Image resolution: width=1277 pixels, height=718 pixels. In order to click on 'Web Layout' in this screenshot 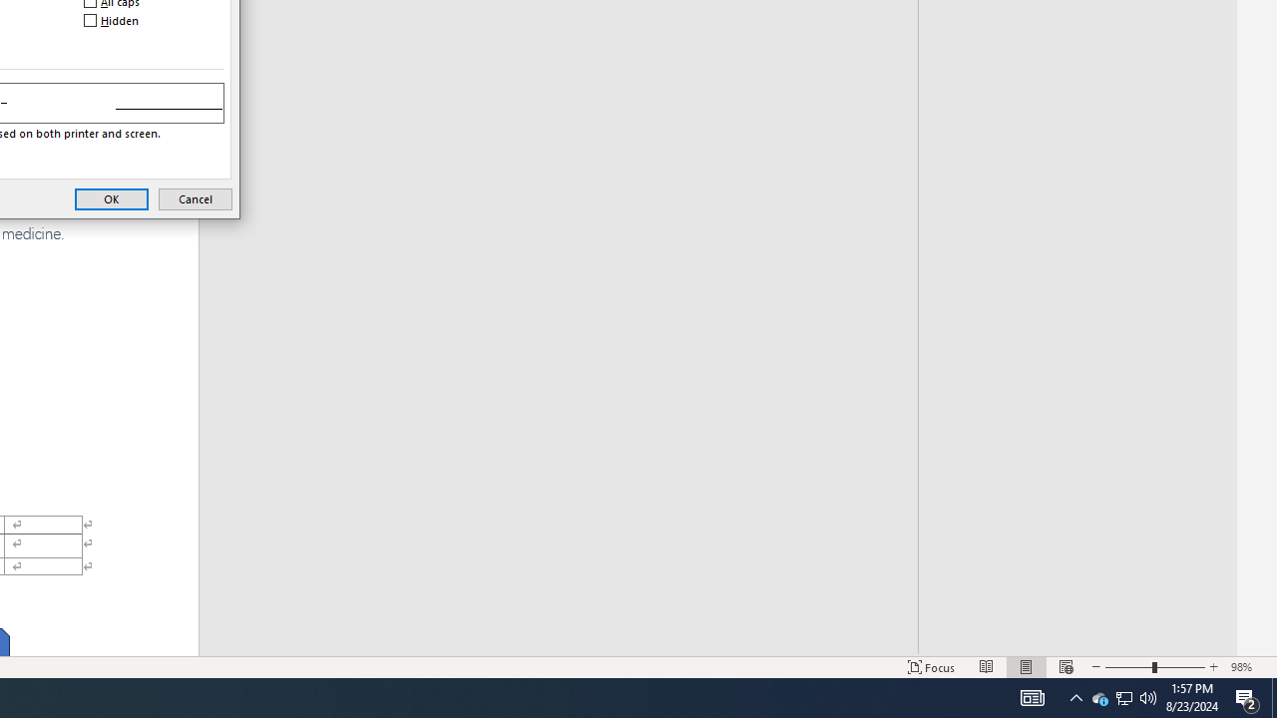, I will do `click(1065, 667)`.